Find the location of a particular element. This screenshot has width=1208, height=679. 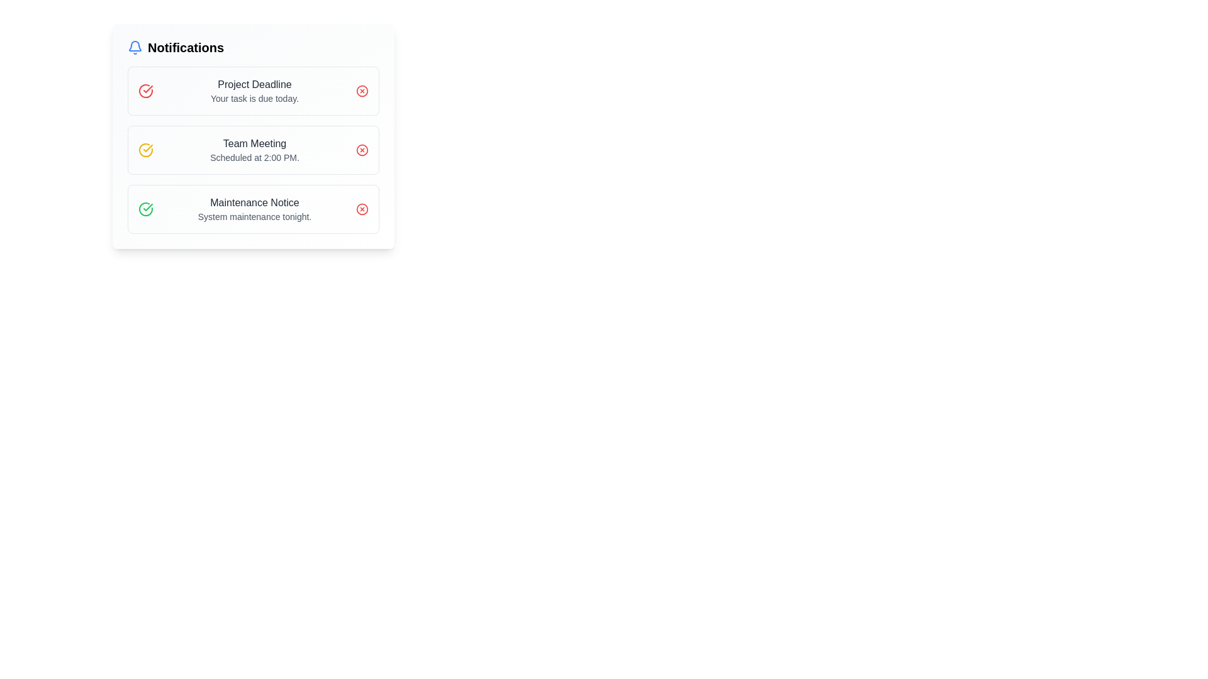

the 'Maintenance Notice' text element, which is the third notification in the list, displaying a bold title and a smaller description about system maintenance is located at coordinates (254, 208).